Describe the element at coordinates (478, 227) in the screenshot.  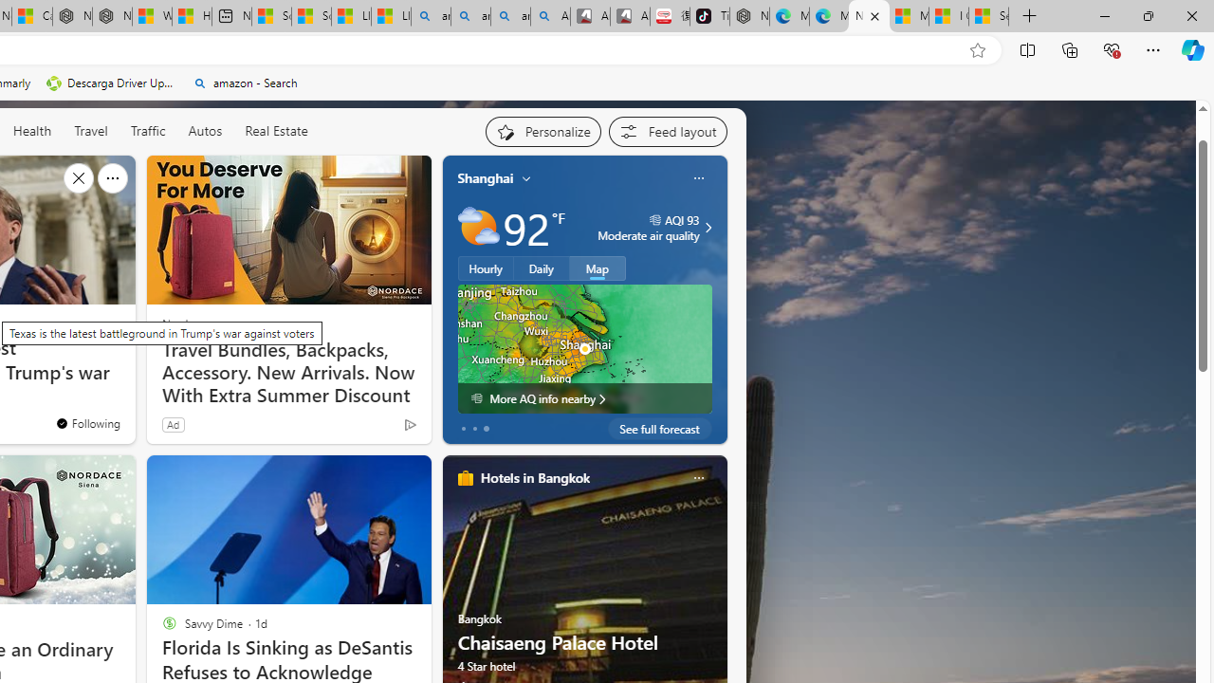
I see `'Partly sunny'` at that location.